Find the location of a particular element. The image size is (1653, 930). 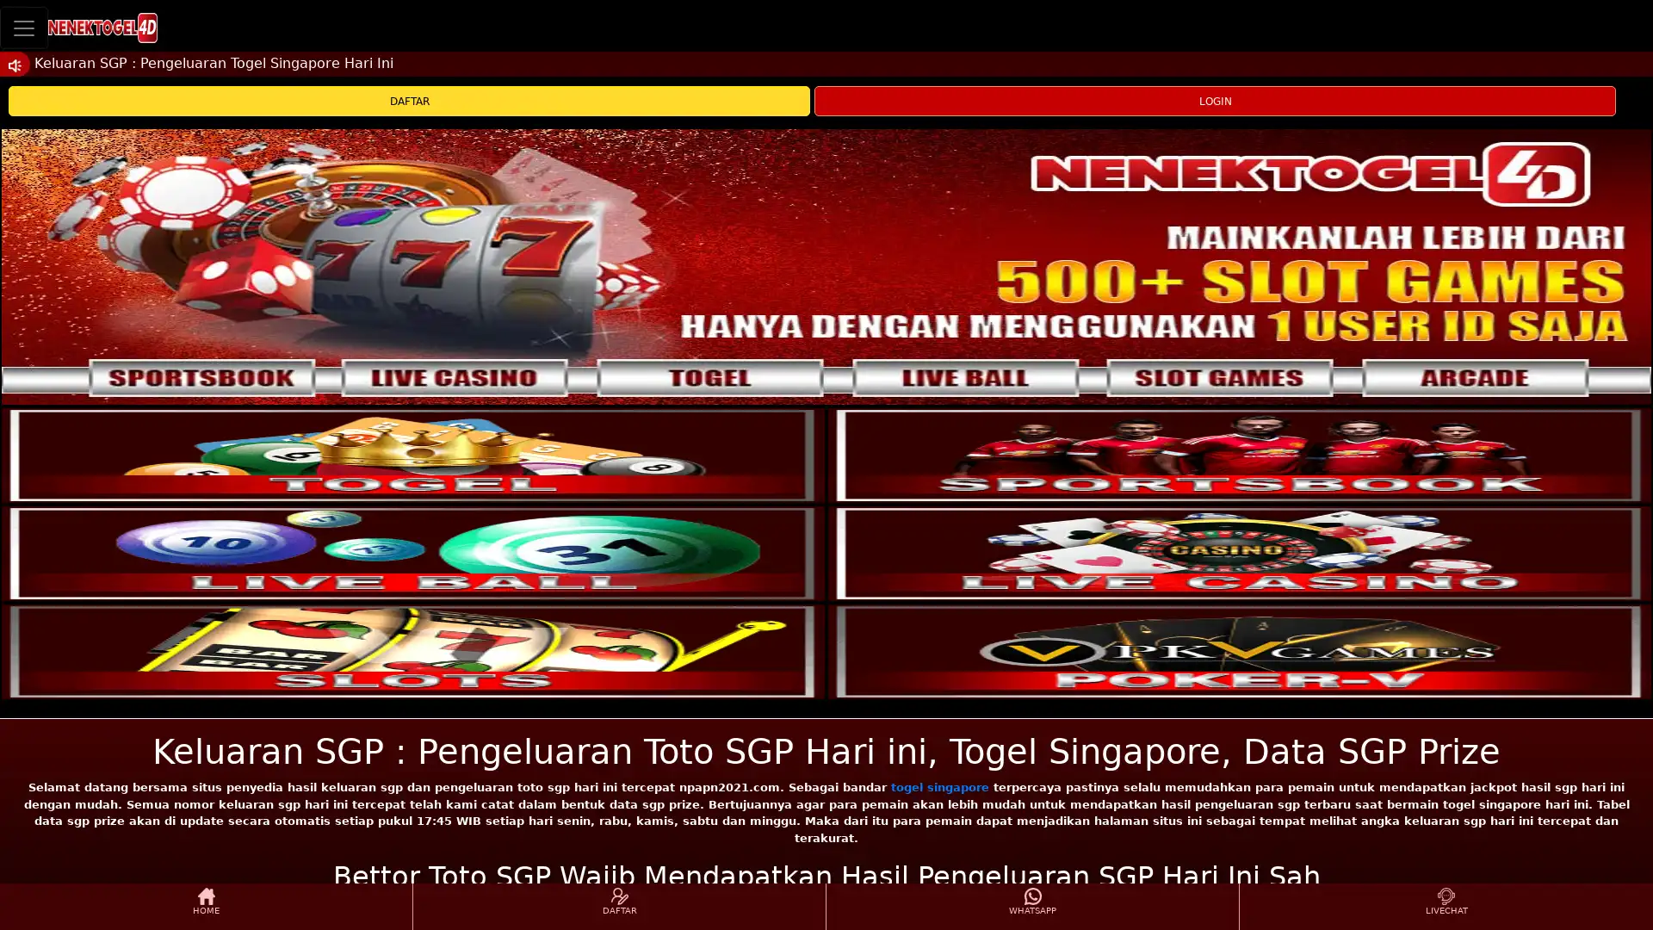

LOGIN is located at coordinates (1214, 101).